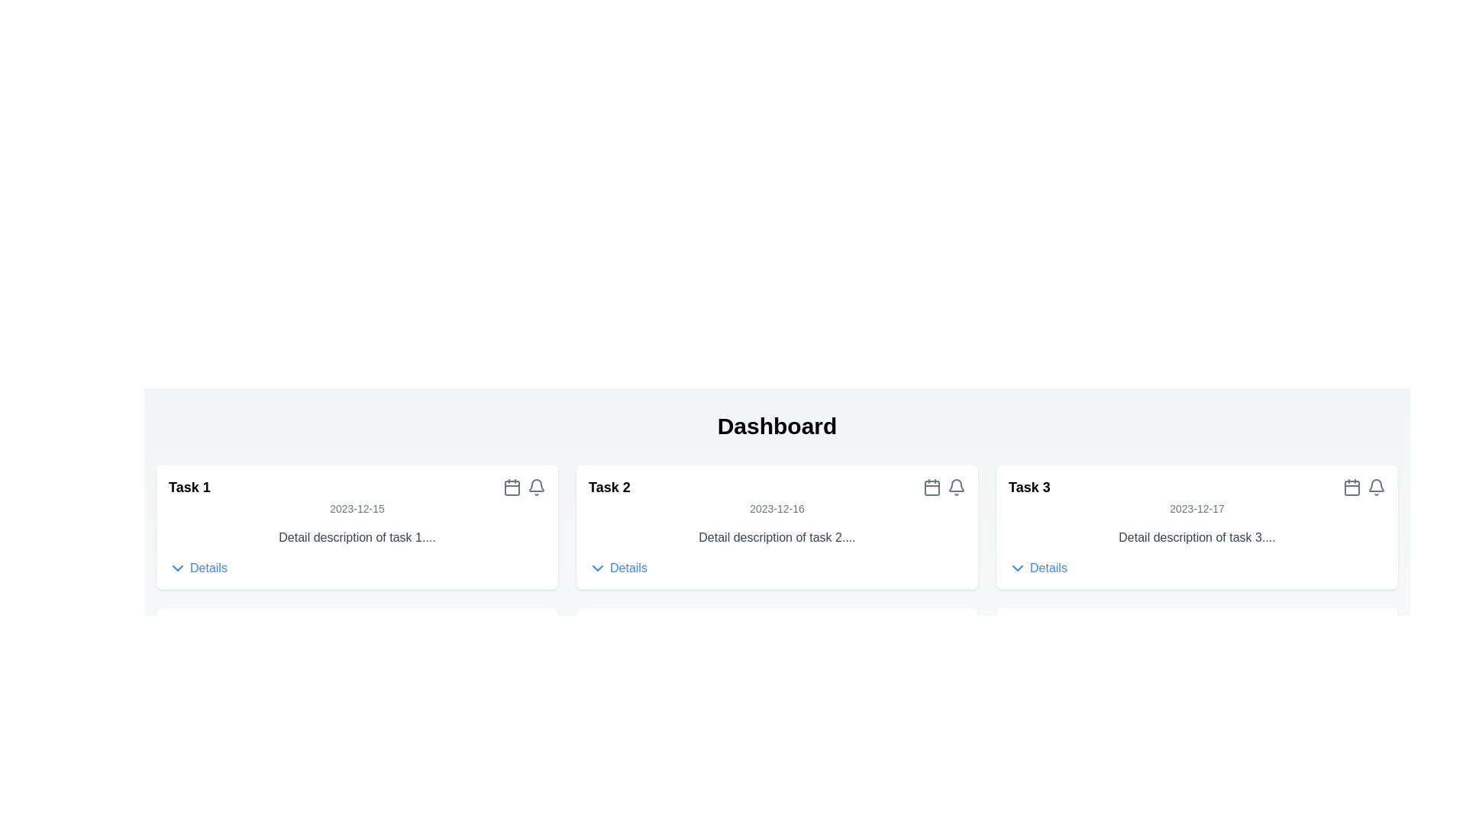 The width and height of the screenshot is (1466, 824). Describe the element at coordinates (1196, 537) in the screenshot. I see `the static text display providing a description for 'Task 3', located centrally in the middle card of a three-card layout` at that location.